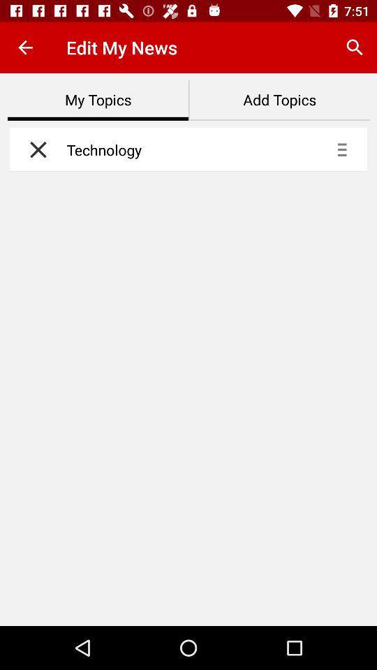  I want to click on remove topic technology, so click(34, 149).